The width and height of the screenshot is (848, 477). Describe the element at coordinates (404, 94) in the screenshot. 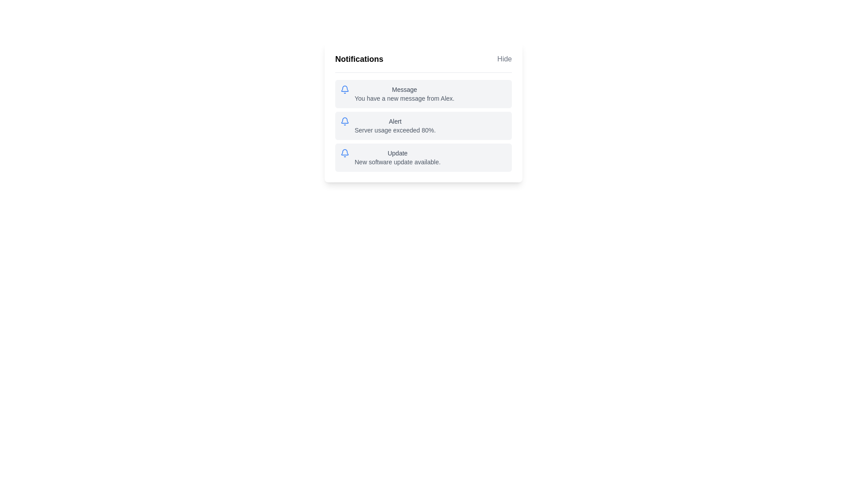

I see `text of the notification about a new message received from 'Alex' located in the topmost position of the notifications list` at that location.